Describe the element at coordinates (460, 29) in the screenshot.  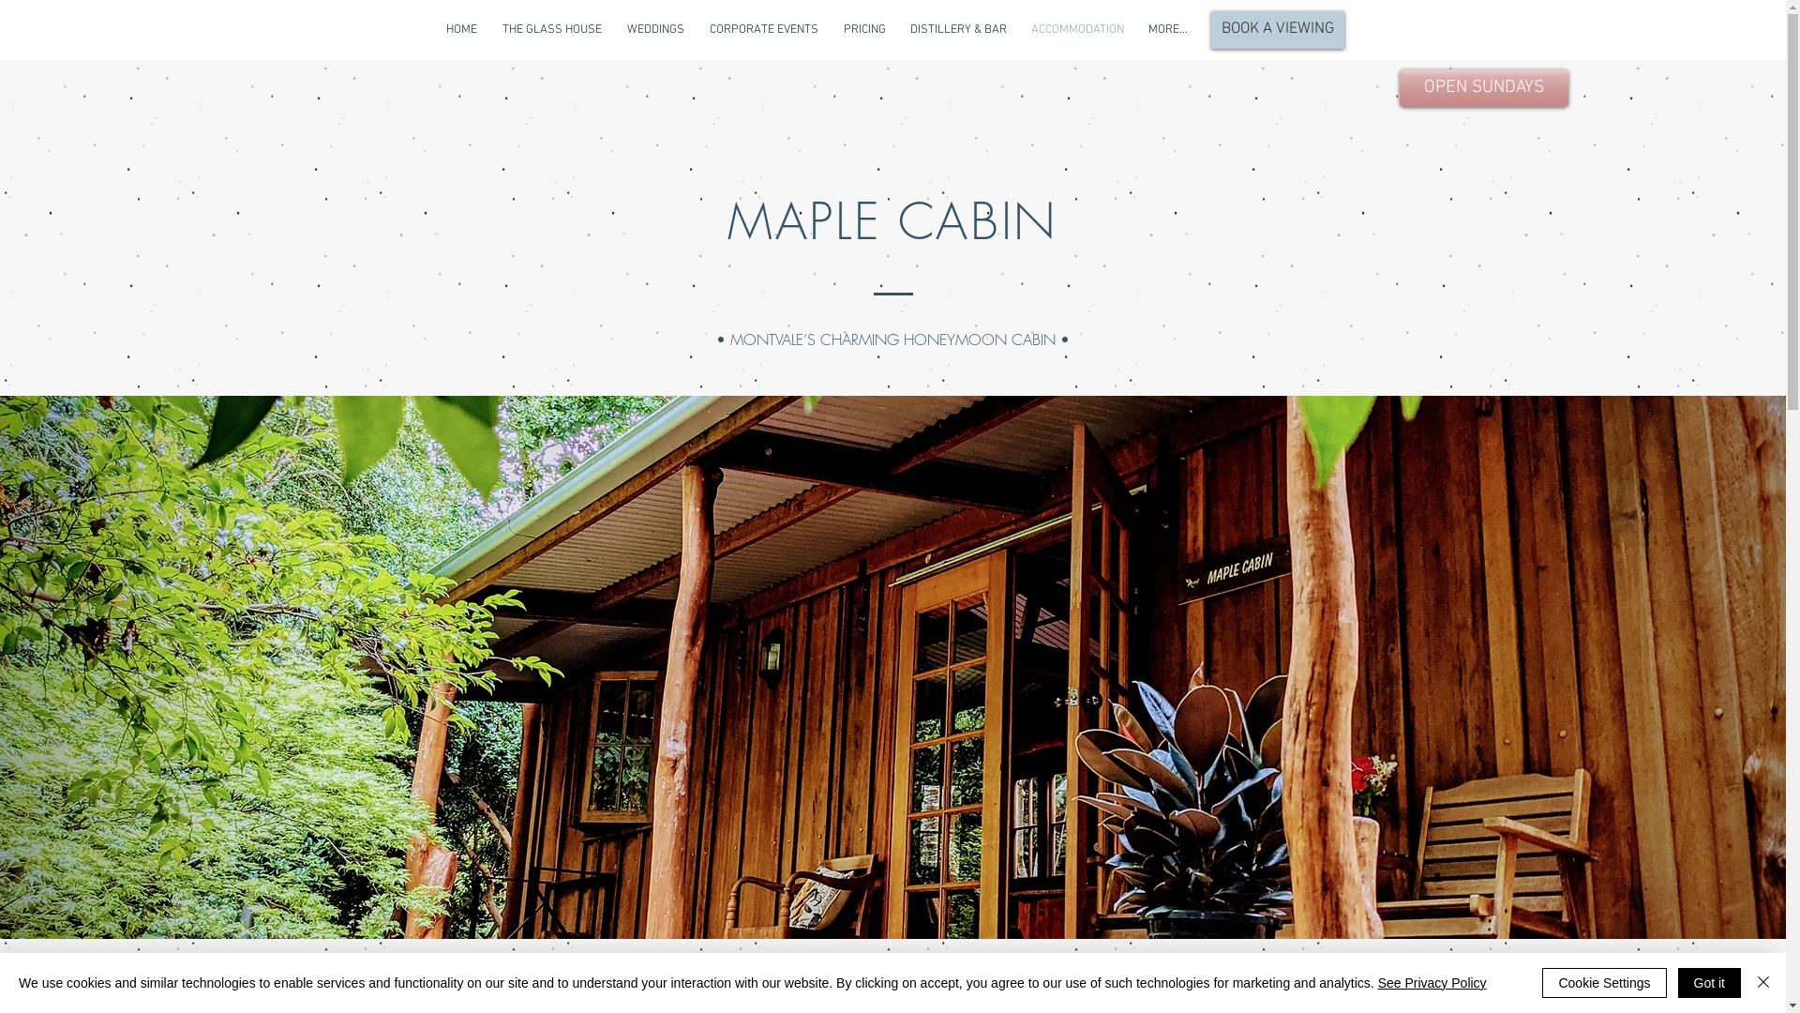
I see `'HOME'` at that location.